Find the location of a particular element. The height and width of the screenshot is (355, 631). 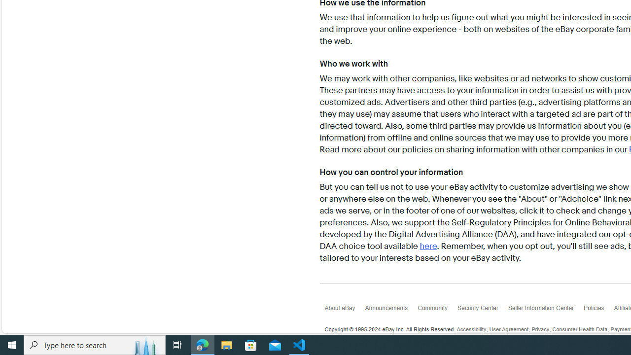

'Community' is located at coordinates (437, 311).